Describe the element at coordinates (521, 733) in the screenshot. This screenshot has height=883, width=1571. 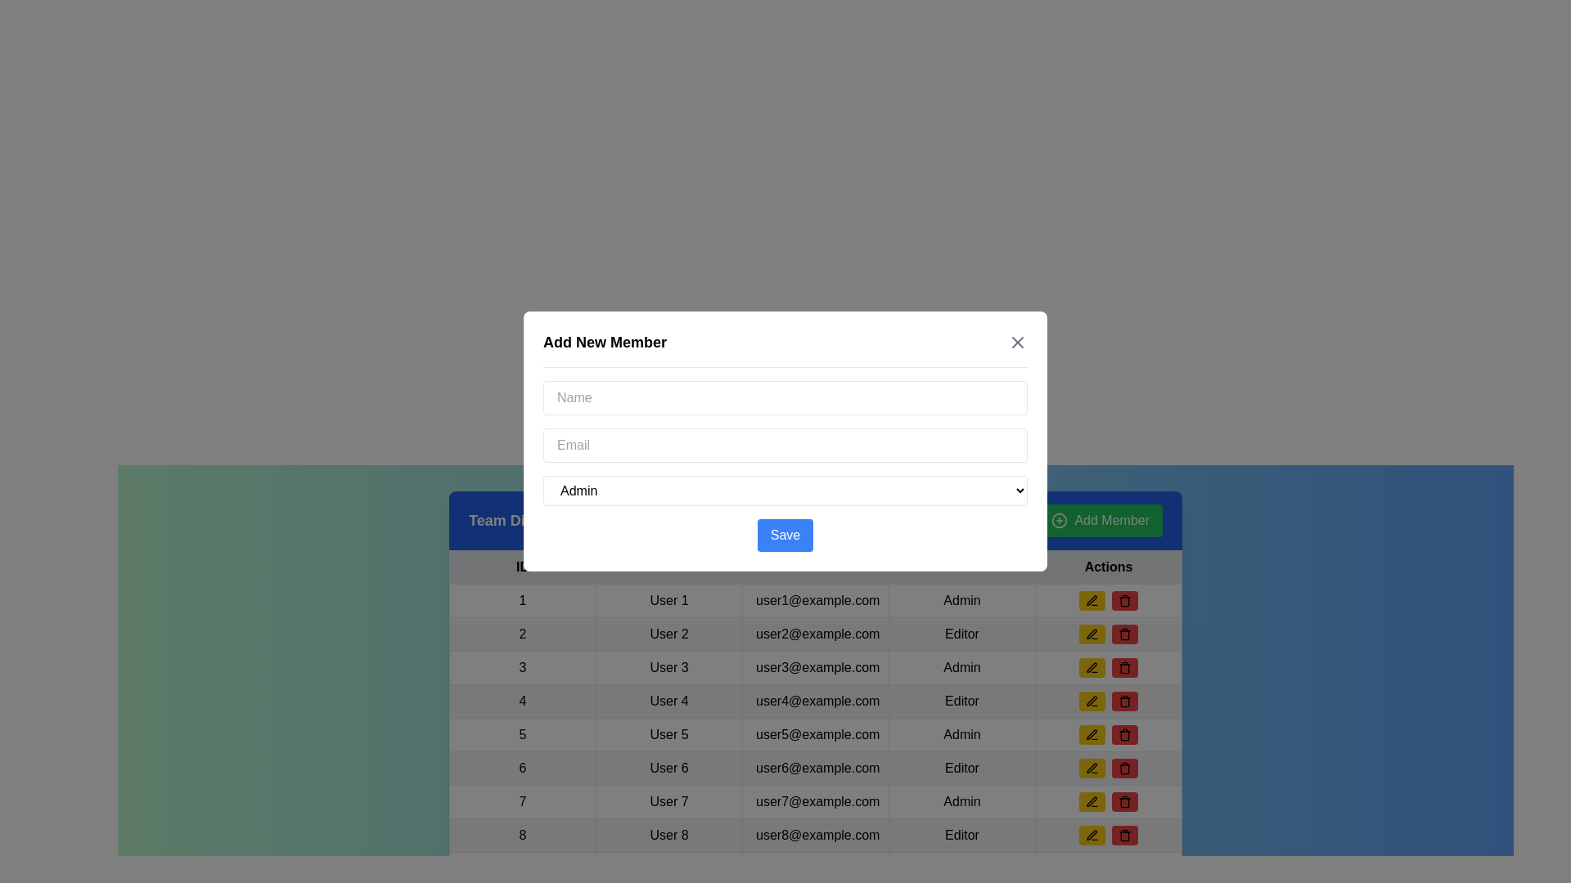
I see `the text label displaying the number '5', which is located in the first cell of the fifth row of a user details table` at that location.